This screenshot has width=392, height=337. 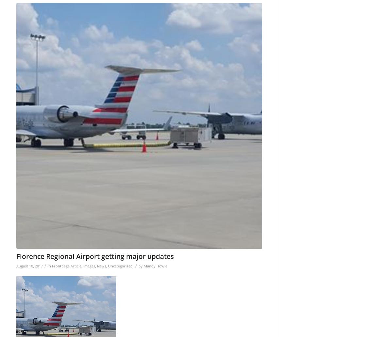 What do you see at coordinates (49, 265) in the screenshot?
I see `'in'` at bounding box center [49, 265].